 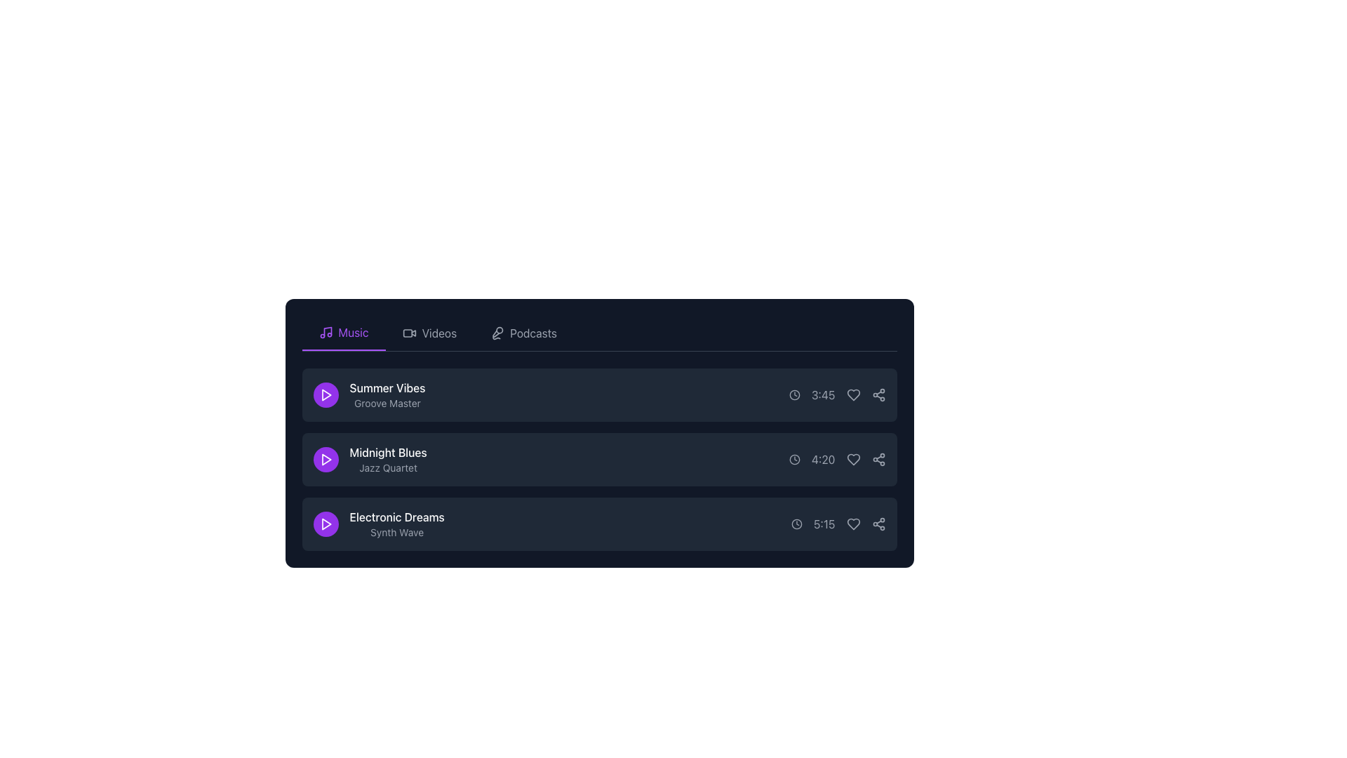 What do you see at coordinates (387, 395) in the screenshot?
I see `the text display that shows the title 'Summer Vibes' and description 'Groove Master', located to the right of the purple play button icon in the first list item of a vertical list` at bounding box center [387, 395].